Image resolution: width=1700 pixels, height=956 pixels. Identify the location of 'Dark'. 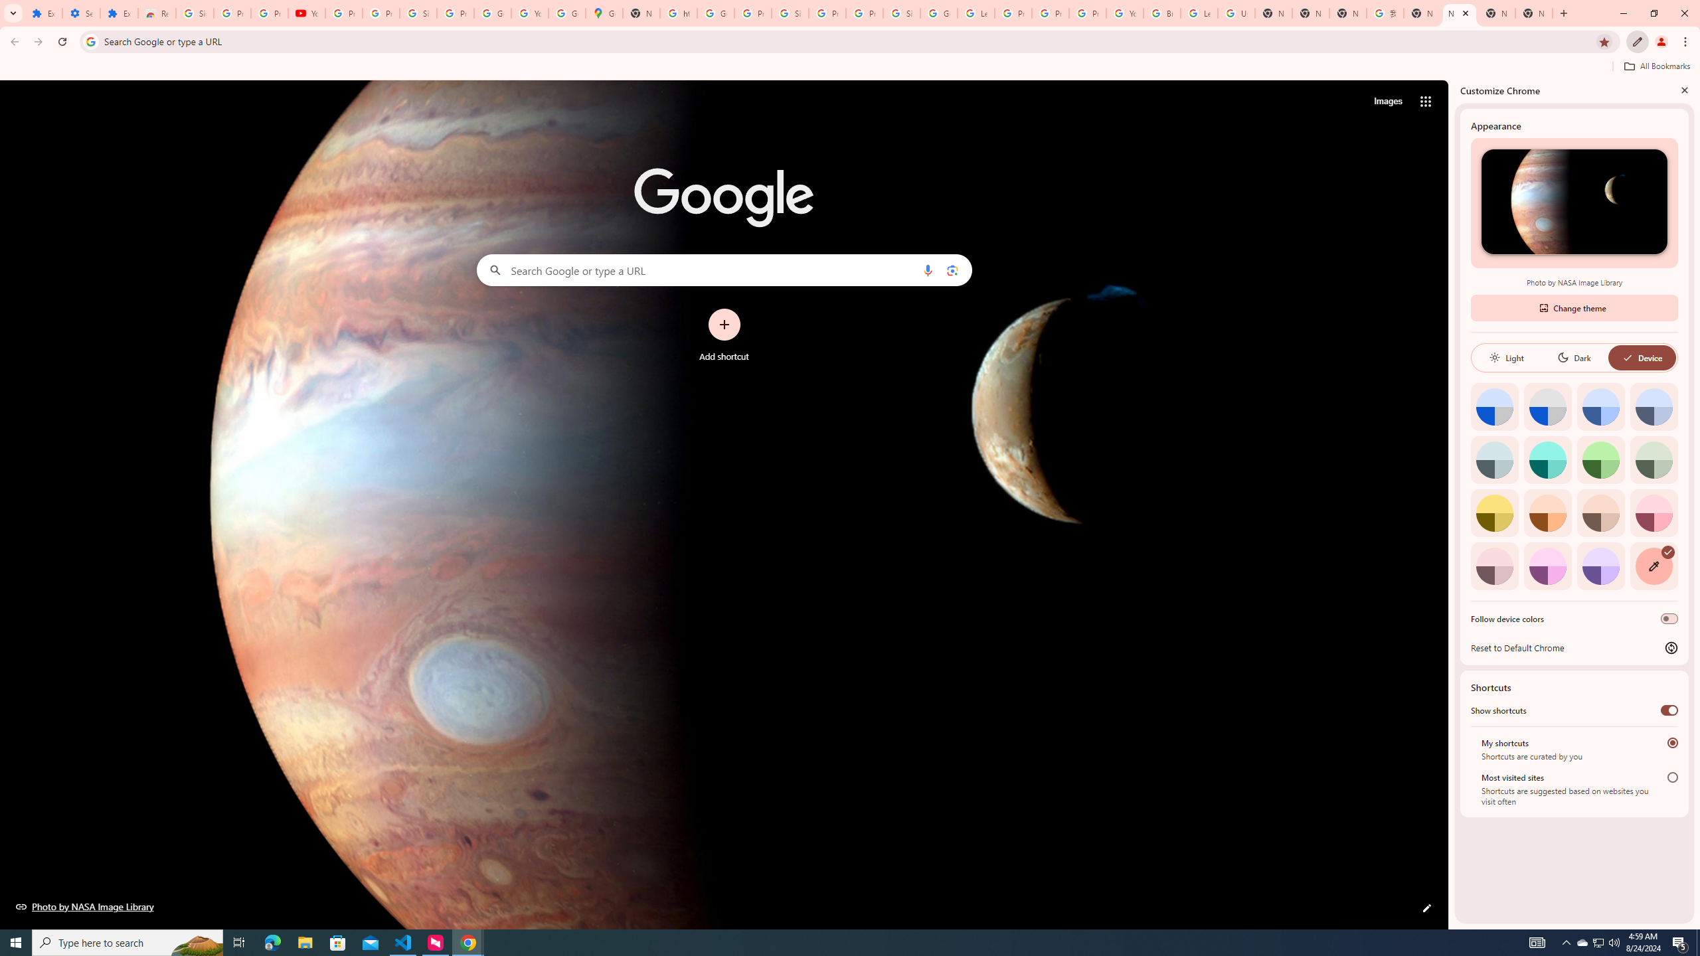
(1573, 357).